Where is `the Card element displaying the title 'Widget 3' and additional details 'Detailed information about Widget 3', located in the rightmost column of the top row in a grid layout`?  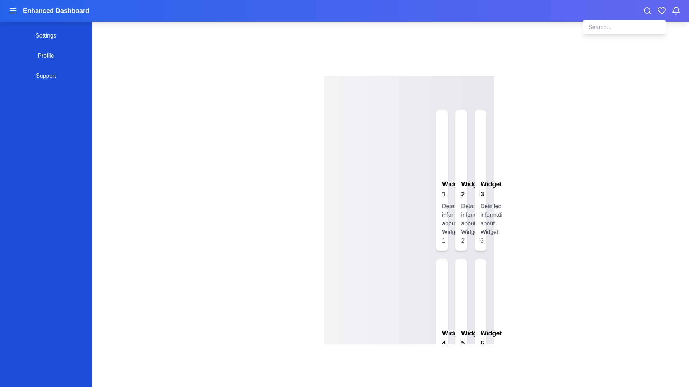
the Card element displaying the title 'Widget 3' and additional details 'Detailed information about Widget 3', located in the rightmost column of the top row in a grid layout is located at coordinates (480, 180).